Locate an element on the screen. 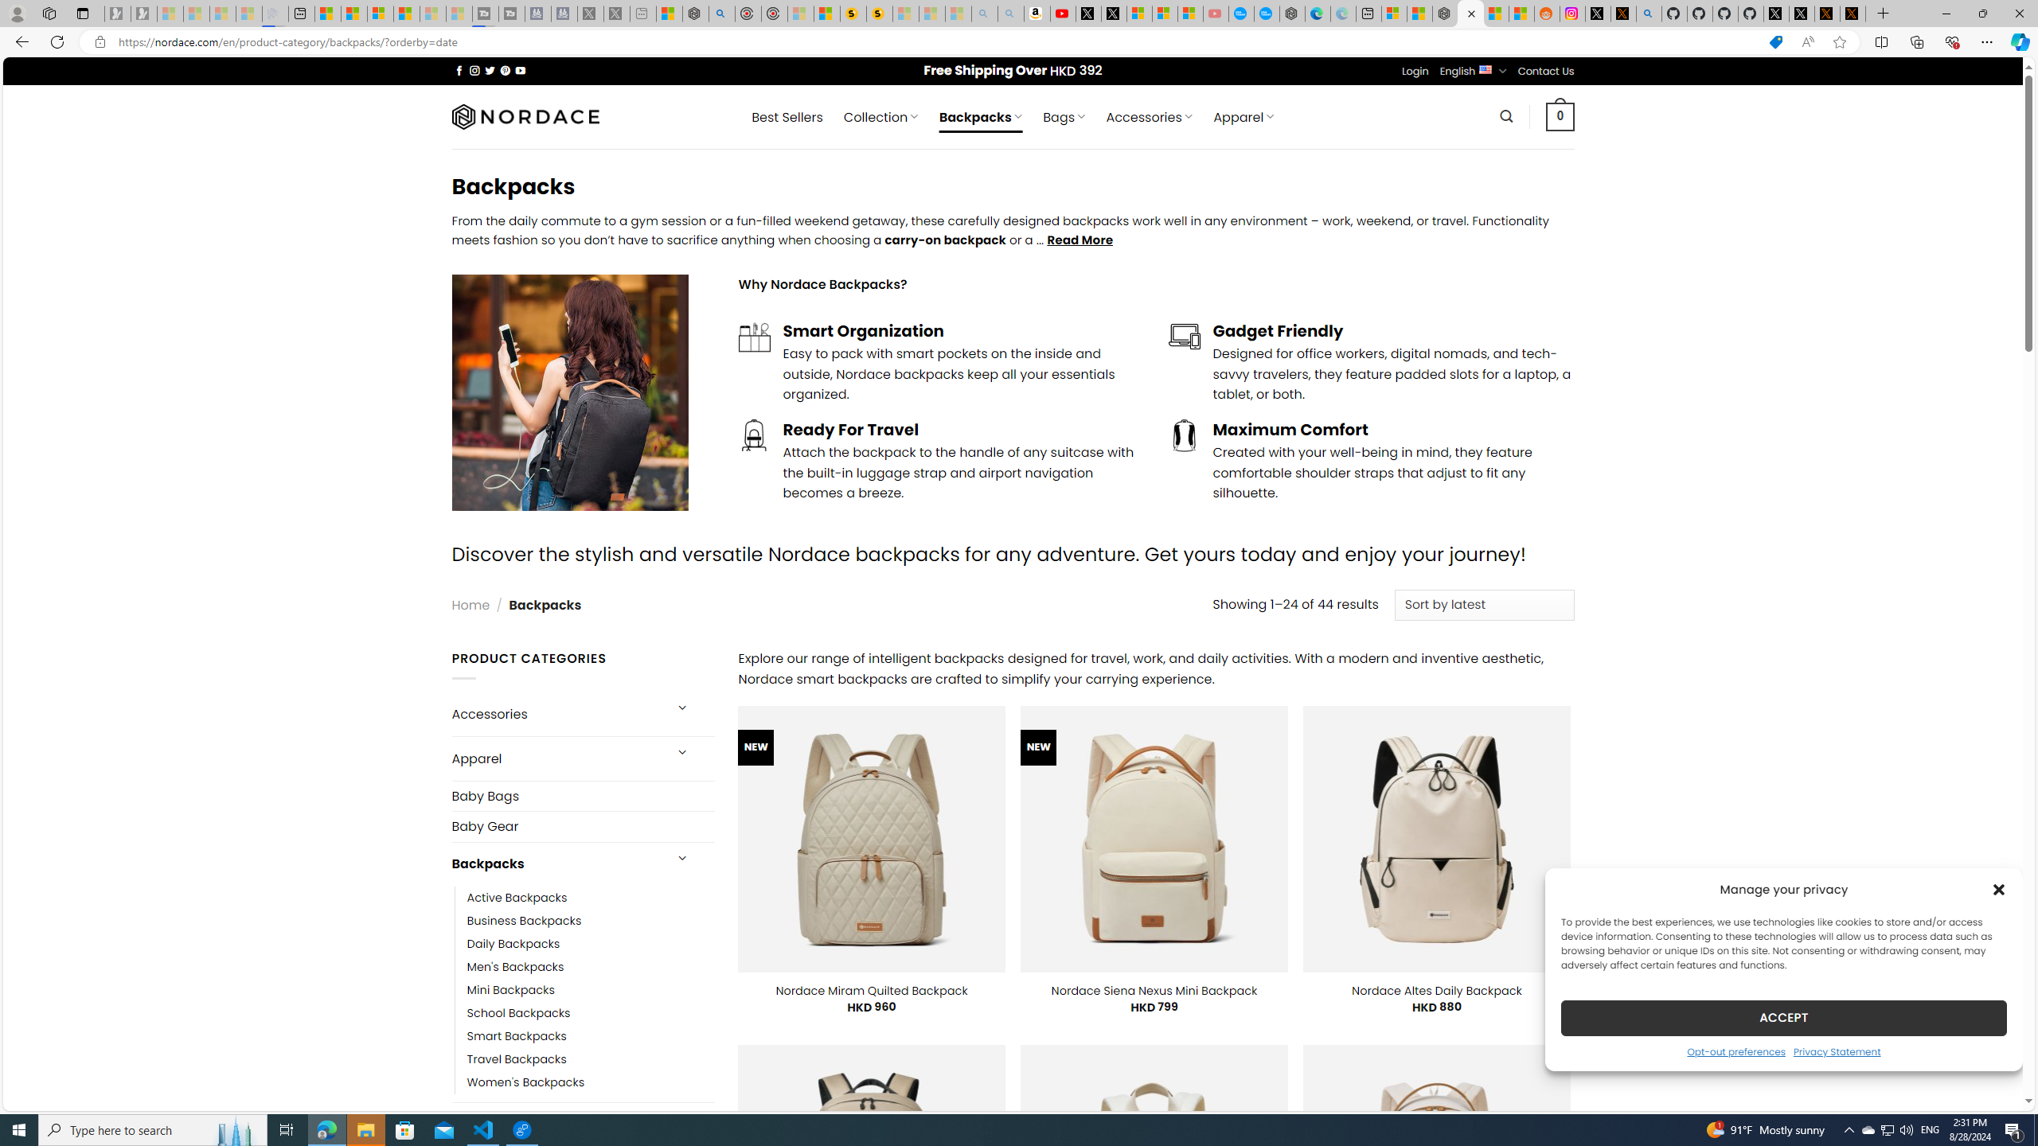 The width and height of the screenshot is (2038, 1146). 'Shanghai, China Weather trends | Microsoft Weather' is located at coordinates (1521, 13).